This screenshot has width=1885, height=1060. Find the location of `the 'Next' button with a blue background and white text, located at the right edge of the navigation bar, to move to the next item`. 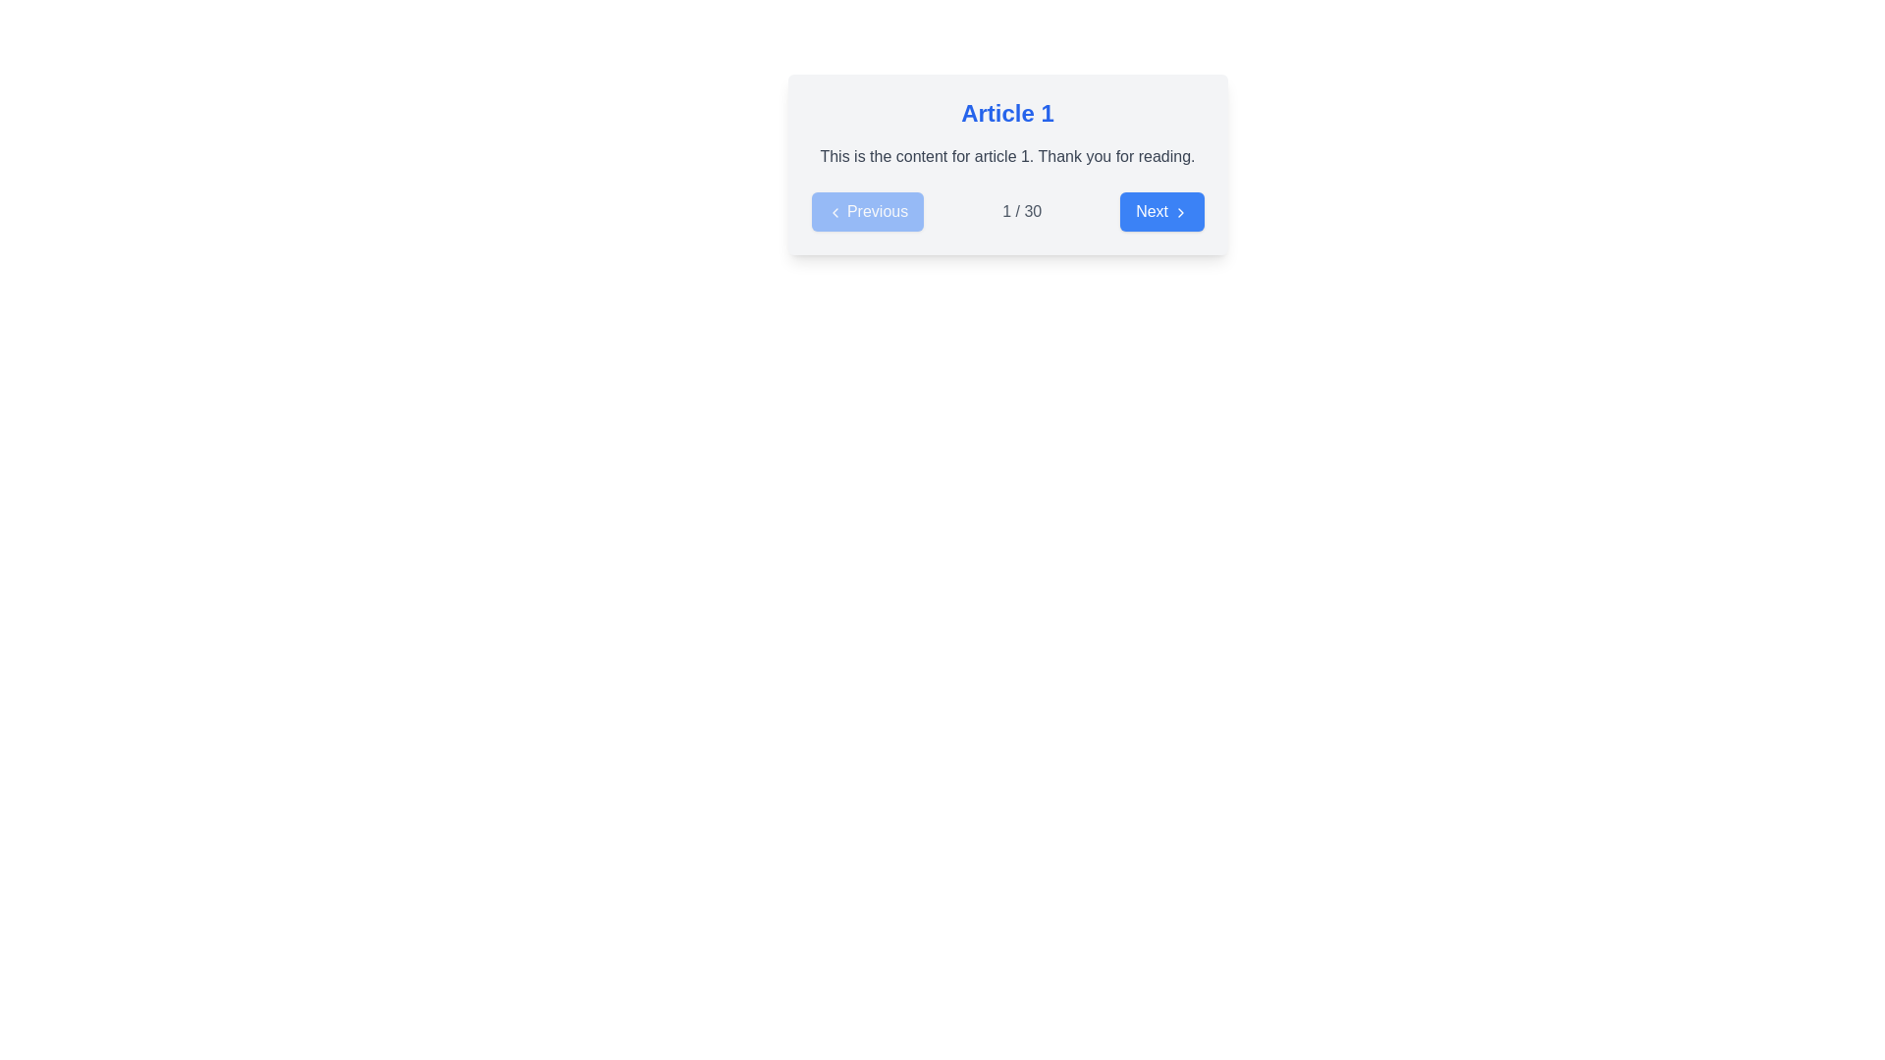

the 'Next' button with a blue background and white text, located at the right edge of the navigation bar, to move to the next item is located at coordinates (1161, 212).